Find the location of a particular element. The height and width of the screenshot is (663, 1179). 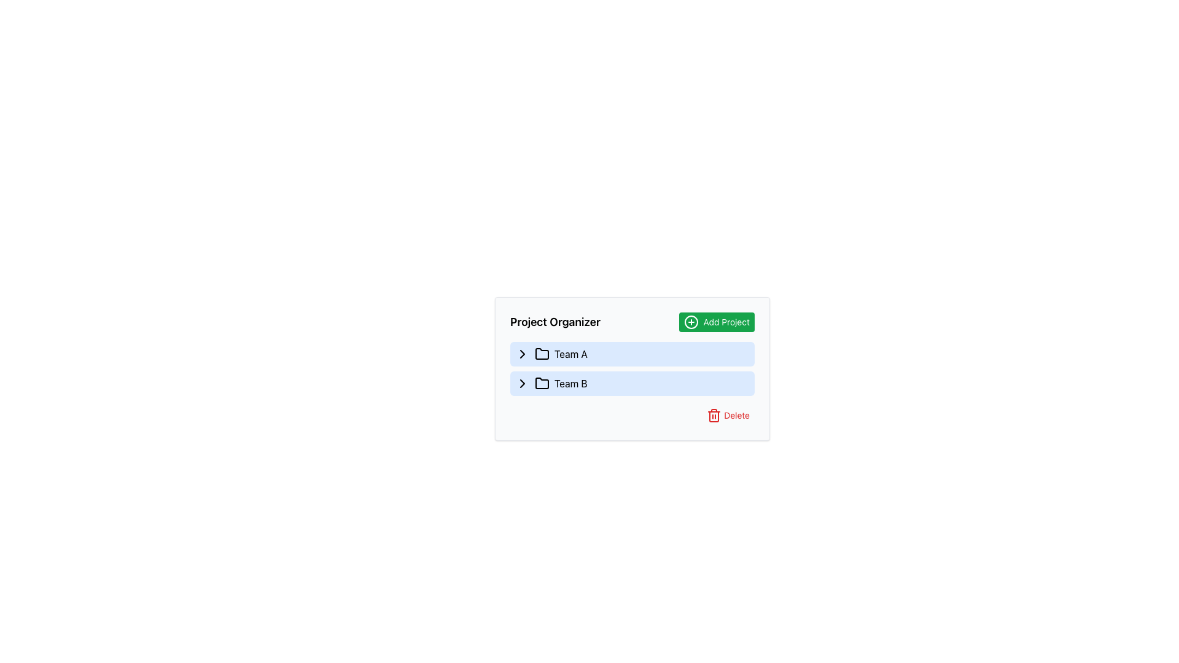

the folder icon representing 'Team B' is located at coordinates (542, 382).